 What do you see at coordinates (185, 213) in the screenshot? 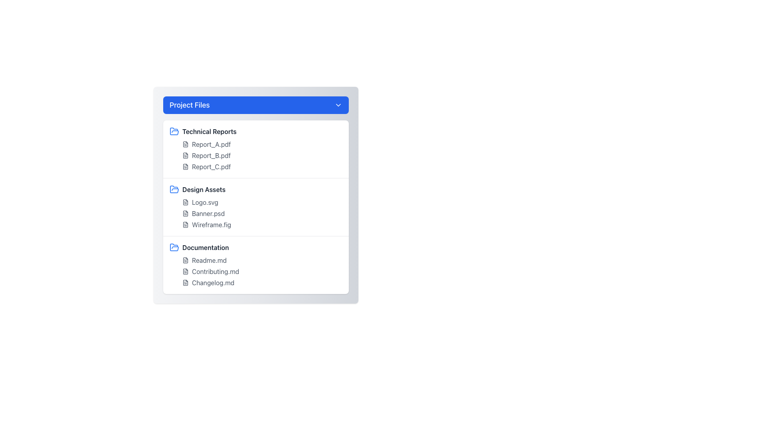
I see `the dark gray SVG icon resembling a document with lines, located to the left of the text 'Banner.psd'` at bounding box center [185, 213].